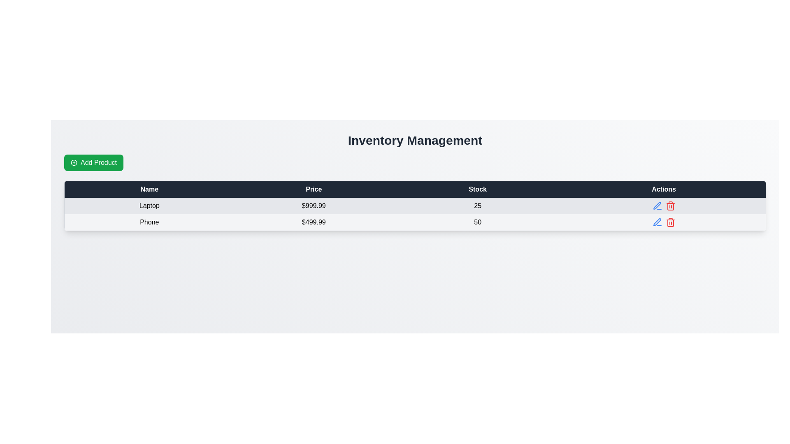  Describe the element at coordinates (664, 206) in the screenshot. I see `the edit icon in the action buttons of the first row for the product 'Laptop' under the 'Actions' header` at that location.